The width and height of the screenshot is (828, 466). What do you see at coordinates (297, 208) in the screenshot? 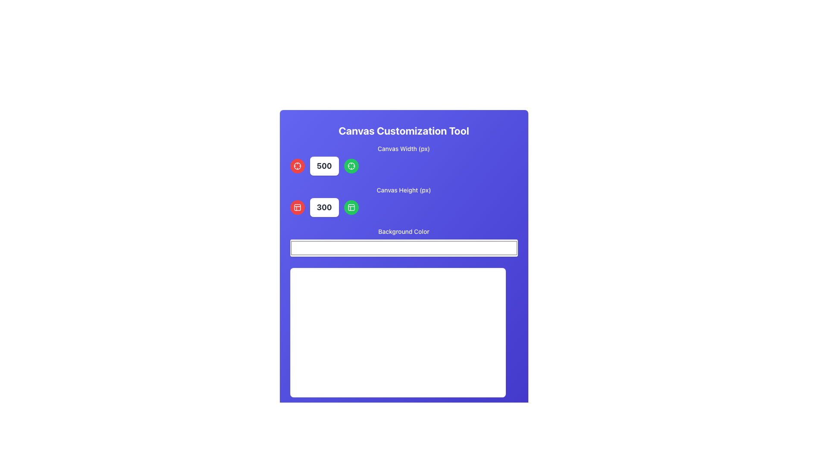
I see `the red circular button with a white layout icon to decrement the height, located on the left side of the Canvas Height section, next to the white box displaying '300'` at bounding box center [297, 208].